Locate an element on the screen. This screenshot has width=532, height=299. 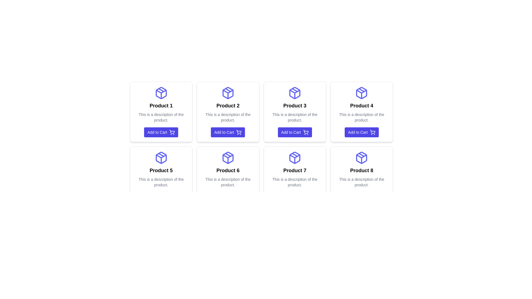
the Decorative Icon Component resembling a 3-dimensional package at the top of the 'Product 5' card in the second row is located at coordinates (161, 158).